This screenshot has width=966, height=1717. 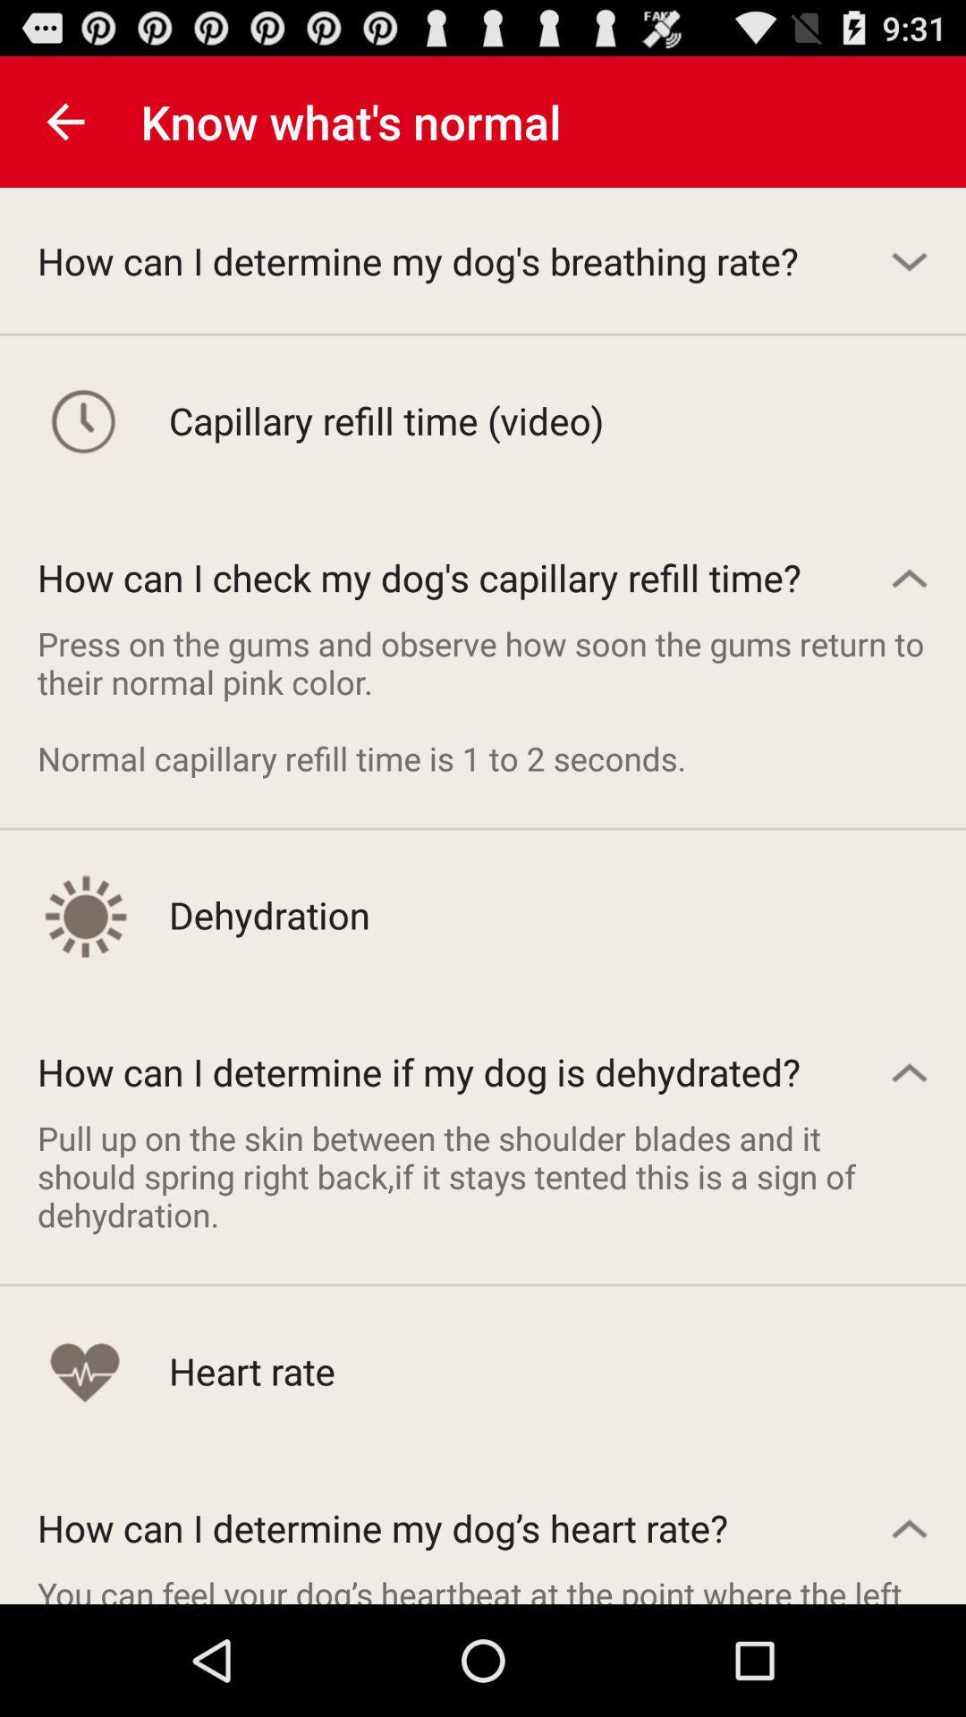 What do you see at coordinates (64, 121) in the screenshot?
I see `item next to the know what s` at bounding box center [64, 121].